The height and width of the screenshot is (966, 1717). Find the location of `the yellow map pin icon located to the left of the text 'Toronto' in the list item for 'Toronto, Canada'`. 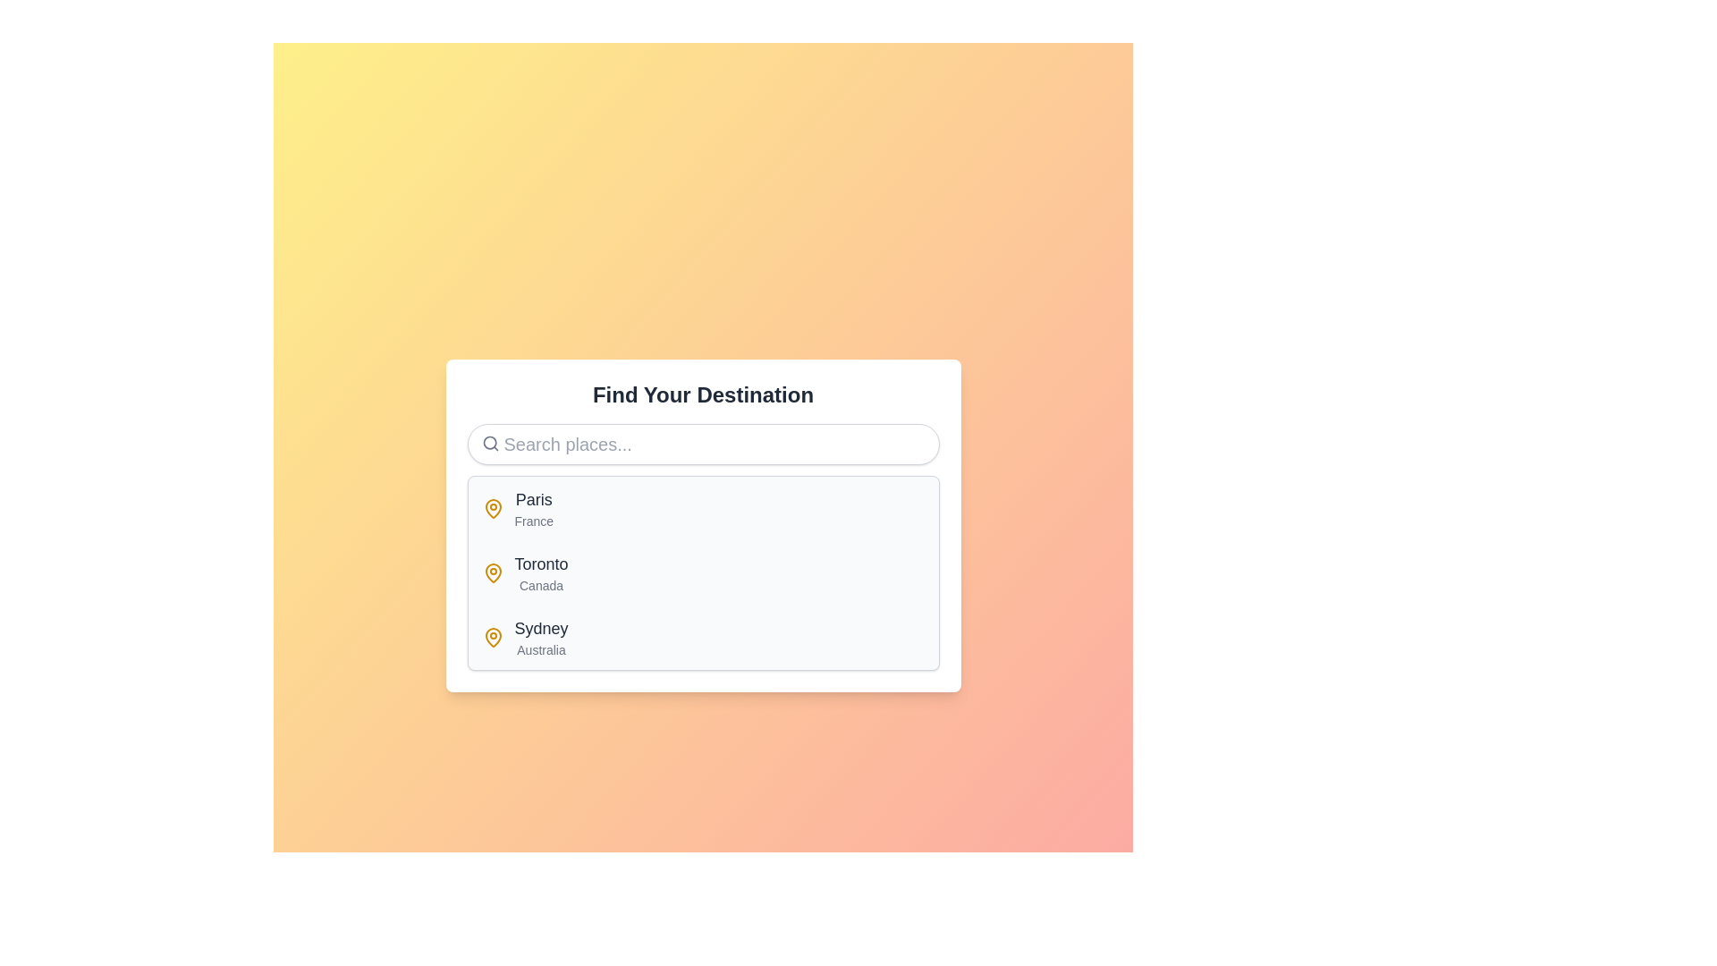

the yellow map pin icon located to the left of the text 'Toronto' in the list item for 'Toronto, Canada' is located at coordinates (493, 572).